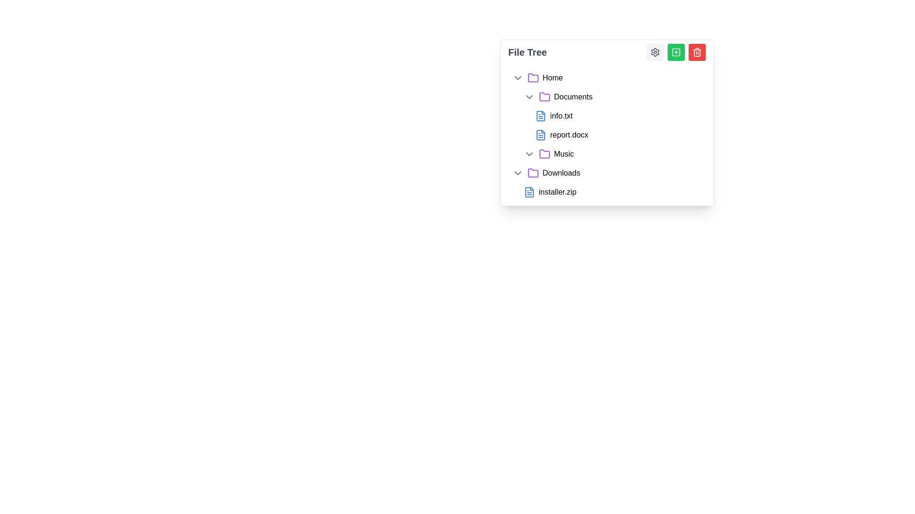  What do you see at coordinates (654, 52) in the screenshot?
I see `the settings icon button` at bounding box center [654, 52].